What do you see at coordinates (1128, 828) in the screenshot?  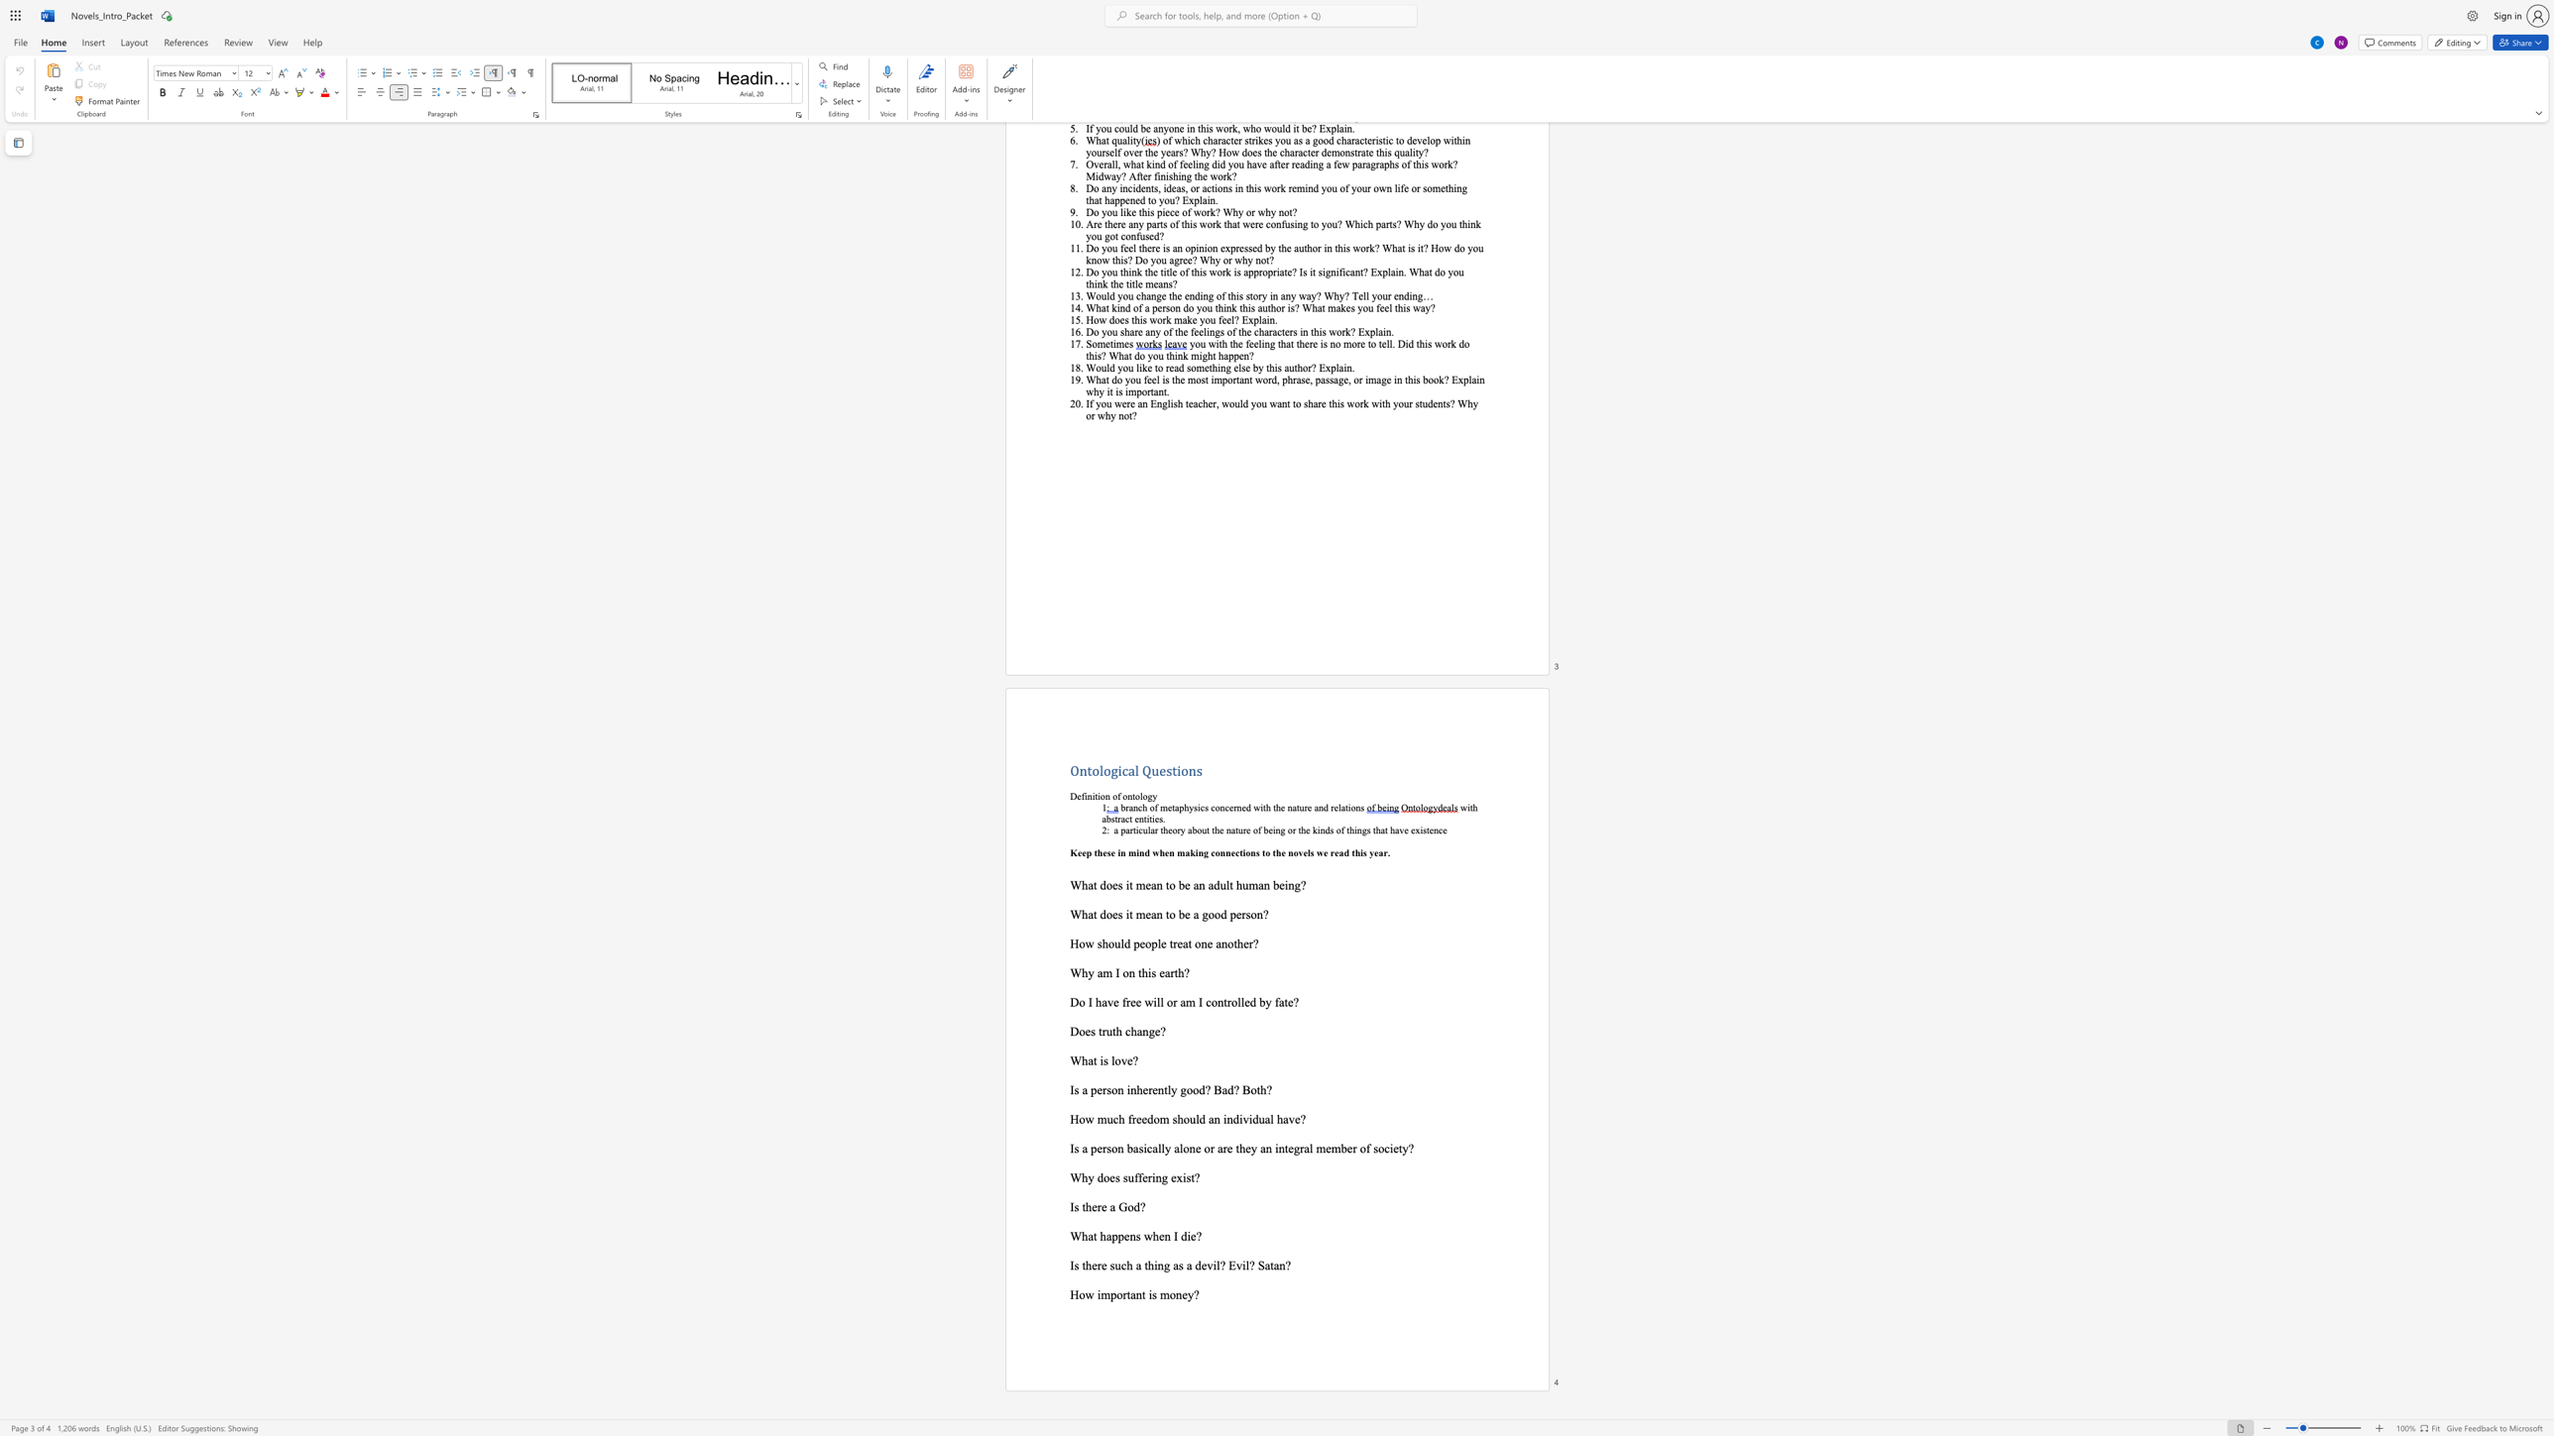 I see `the subset text "rtic" within the text "2:  a particular theory about the nature of being or the kinds of things that have existence"` at bounding box center [1128, 828].